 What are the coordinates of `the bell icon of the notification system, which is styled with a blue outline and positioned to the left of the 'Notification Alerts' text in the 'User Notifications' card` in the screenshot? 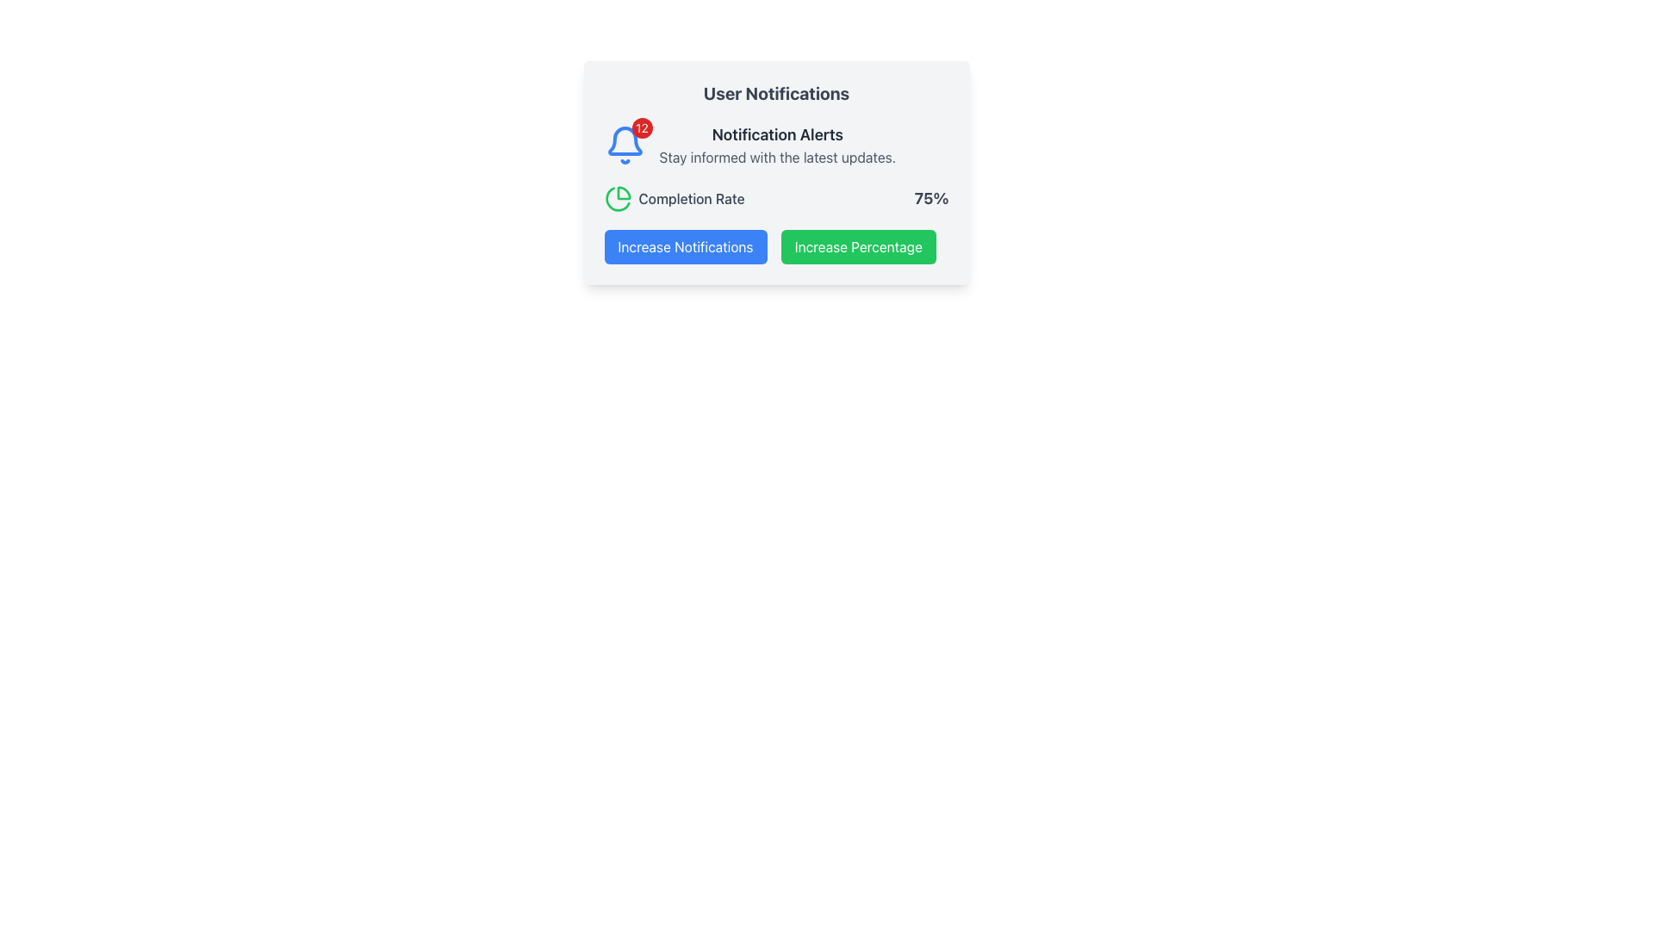 It's located at (624, 140).